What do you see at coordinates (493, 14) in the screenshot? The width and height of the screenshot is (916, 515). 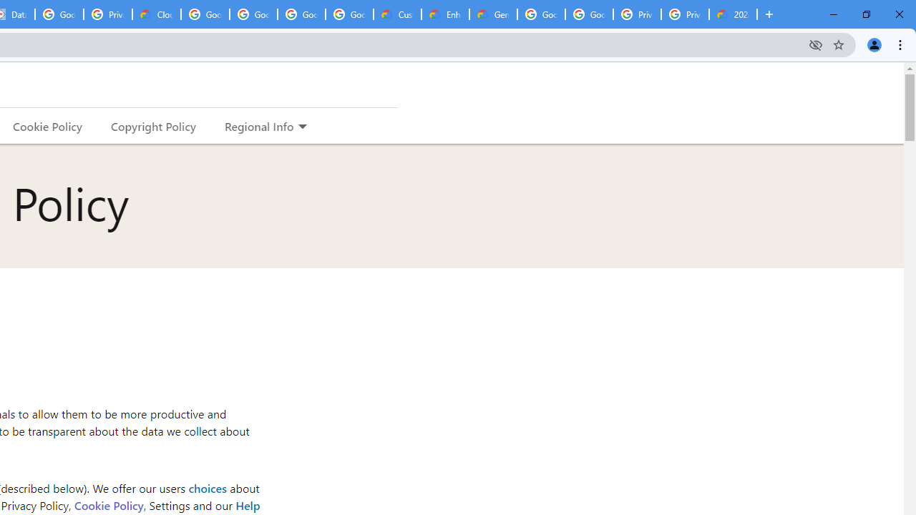 I see `'Gemini for Business and Developers | Google Cloud'` at bounding box center [493, 14].